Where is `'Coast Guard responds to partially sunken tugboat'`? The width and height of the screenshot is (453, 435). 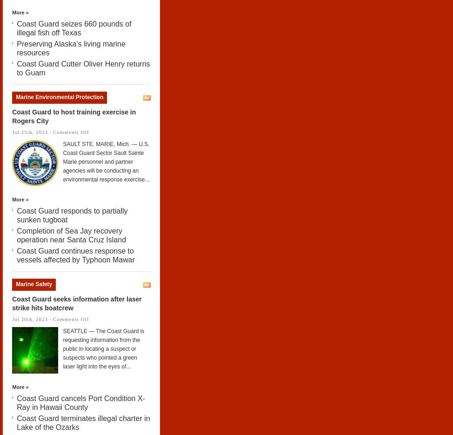 'Coast Guard responds to partially sunken tugboat' is located at coordinates (71, 215).